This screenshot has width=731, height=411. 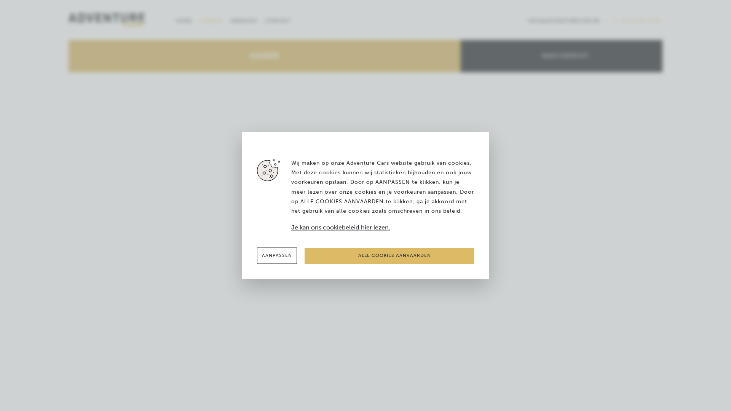 What do you see at coordinates (261, 20) in the screenshot?
I see `'CONTACT'` at bounding box center [261, 20].